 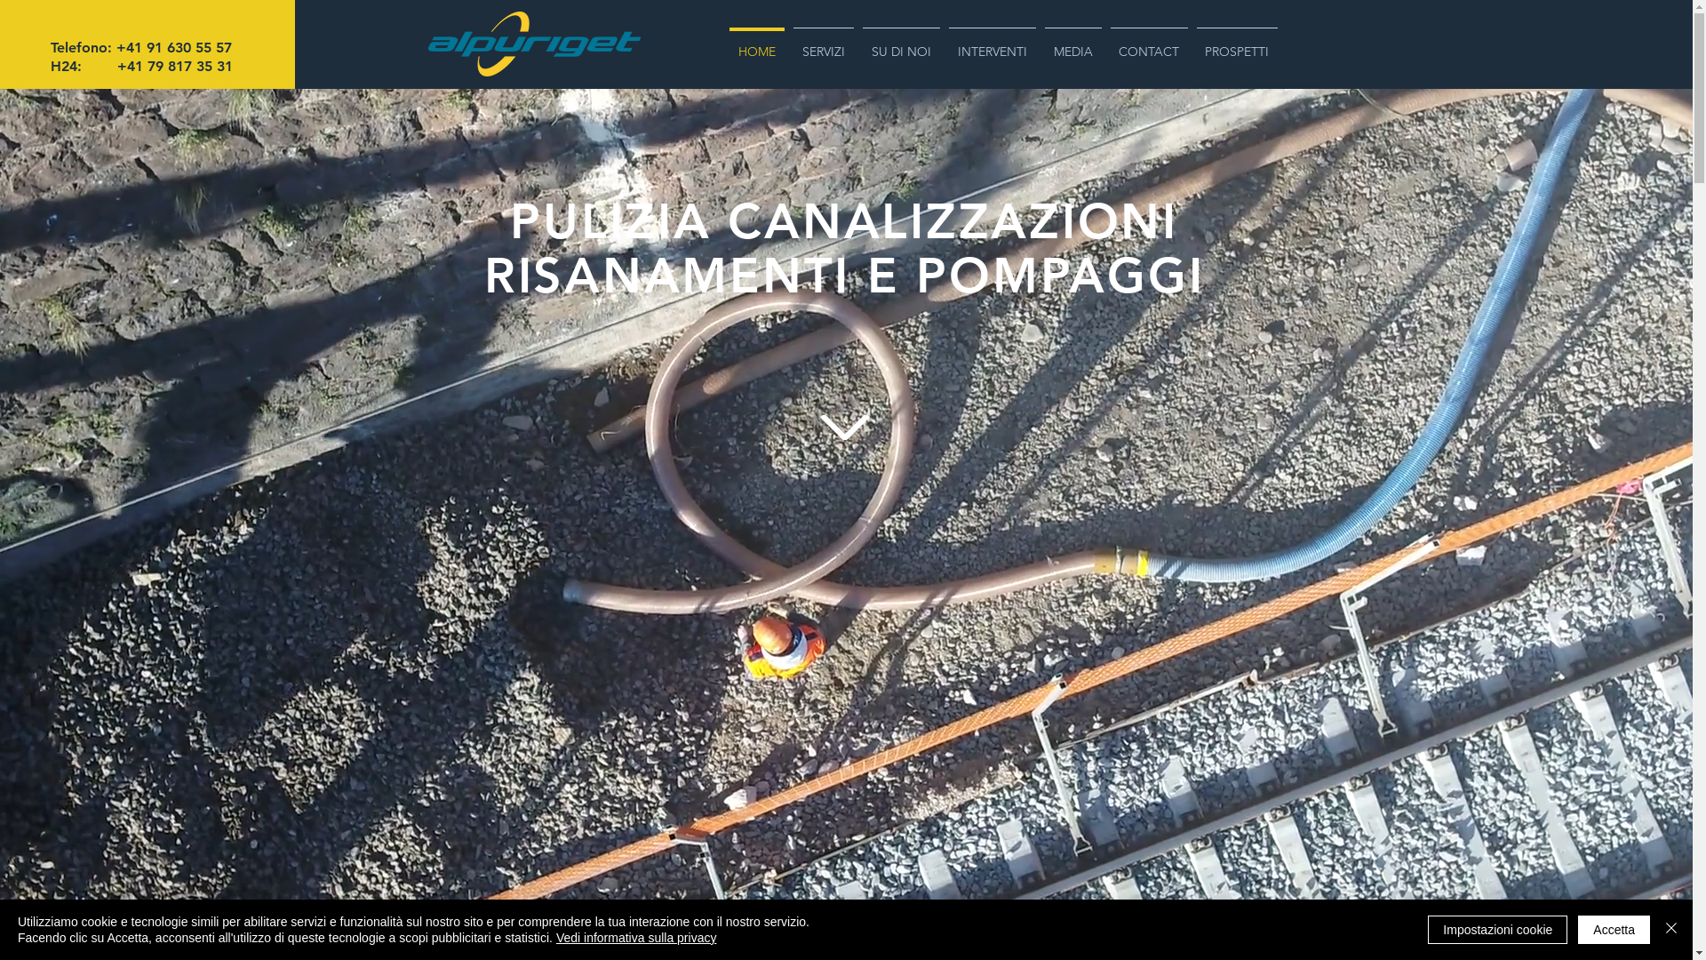 What do you see at coordinates (1496, 928) in the screenshot?
I see `'Impostazioni cookie'` at bounding box center [1496, 928].